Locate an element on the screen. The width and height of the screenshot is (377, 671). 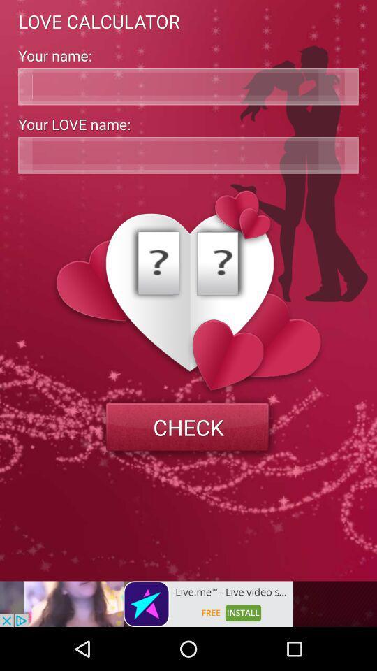
advertisement is located at coordinates (146, 603).